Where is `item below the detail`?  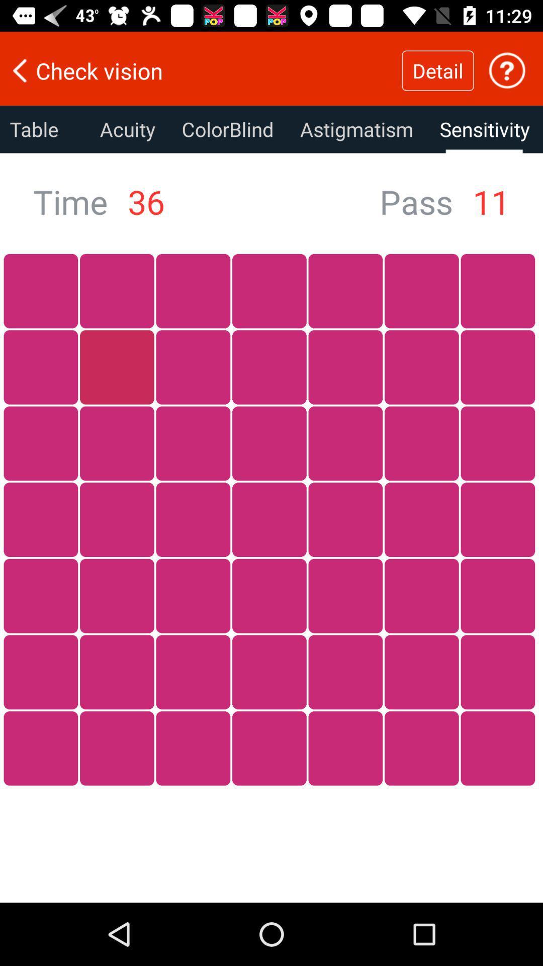
item below the detail is located at coordinates (484, 129).